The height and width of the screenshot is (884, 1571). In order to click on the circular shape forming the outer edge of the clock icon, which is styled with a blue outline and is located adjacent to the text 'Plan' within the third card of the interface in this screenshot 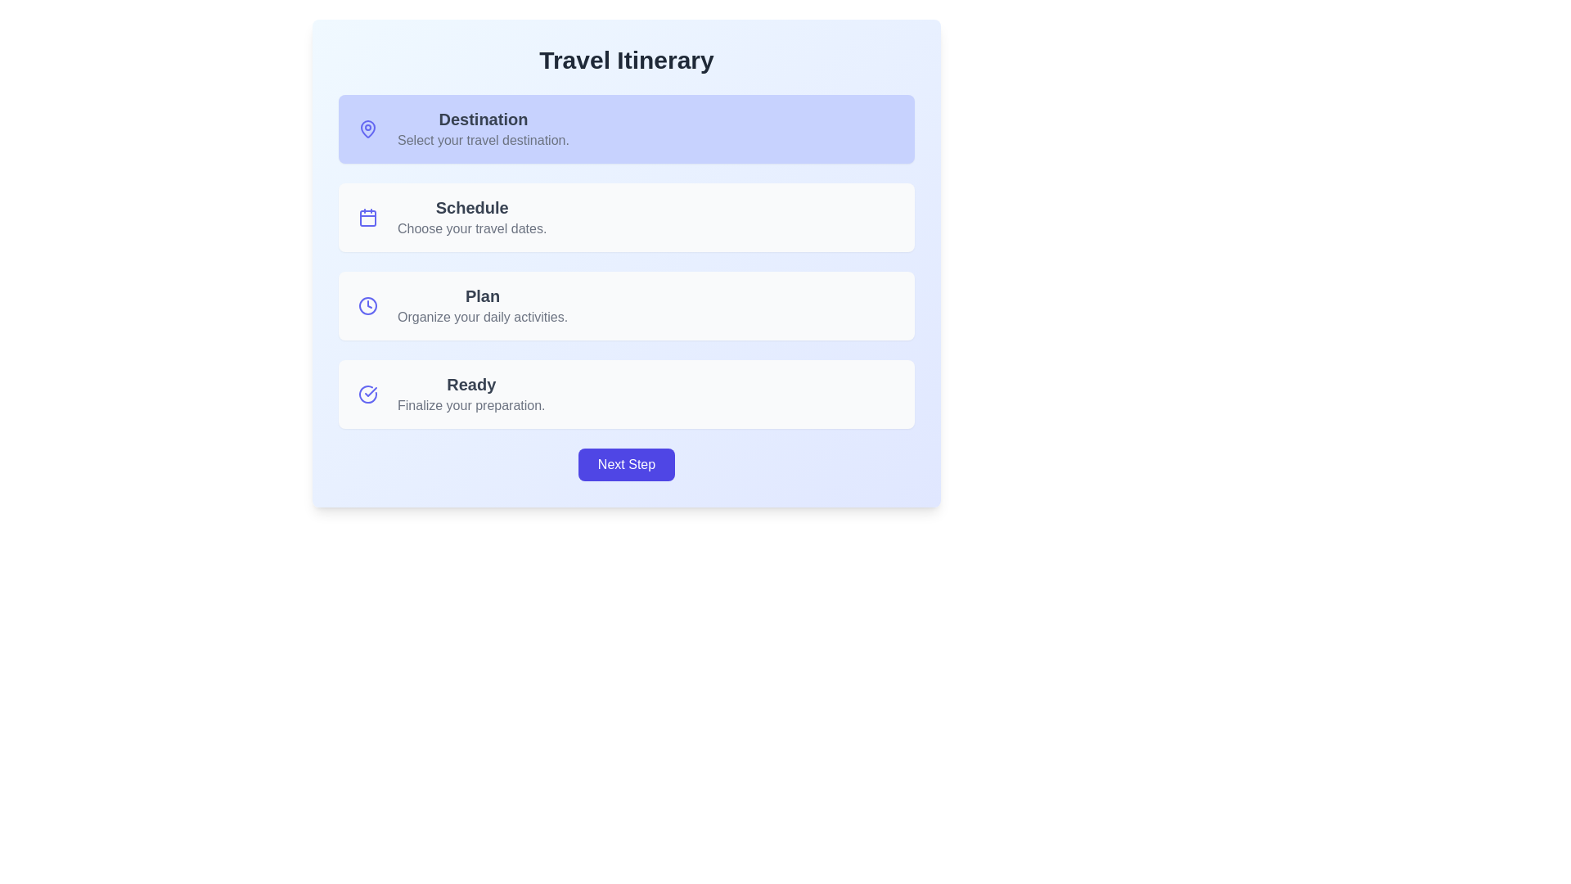, I will do `click(367, 306)`.